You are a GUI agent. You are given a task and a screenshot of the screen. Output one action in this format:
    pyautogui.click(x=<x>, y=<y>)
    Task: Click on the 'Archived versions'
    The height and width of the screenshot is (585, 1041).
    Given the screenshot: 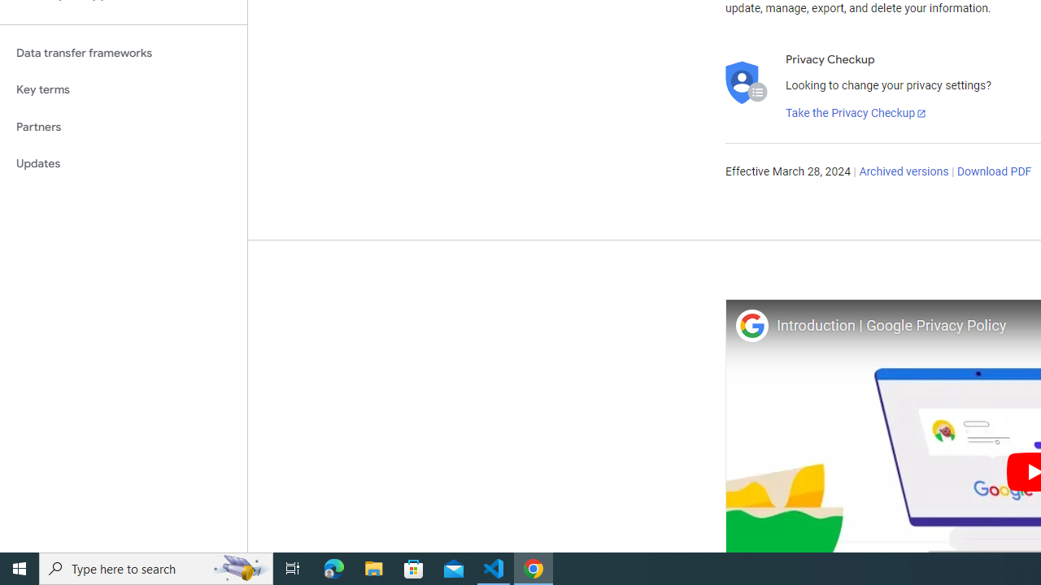 What is the action you would take?
    pyautogui.click(x=903, y=172)
    